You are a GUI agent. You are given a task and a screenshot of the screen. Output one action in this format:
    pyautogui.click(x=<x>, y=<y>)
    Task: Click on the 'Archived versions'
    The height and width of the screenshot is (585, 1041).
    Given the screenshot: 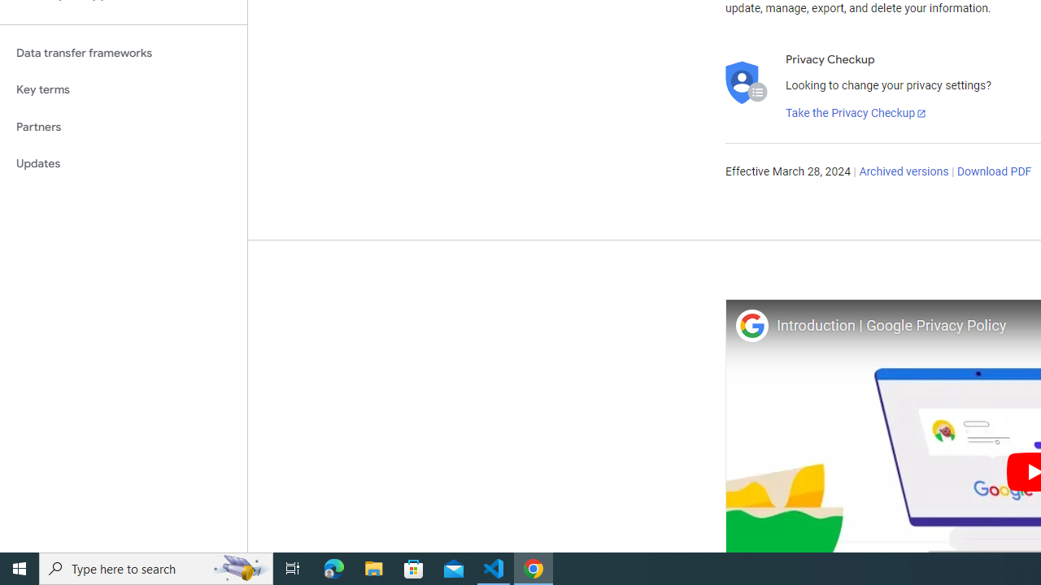 What is the action you would take?
    pyautogui.click(x=903, y=172)
    